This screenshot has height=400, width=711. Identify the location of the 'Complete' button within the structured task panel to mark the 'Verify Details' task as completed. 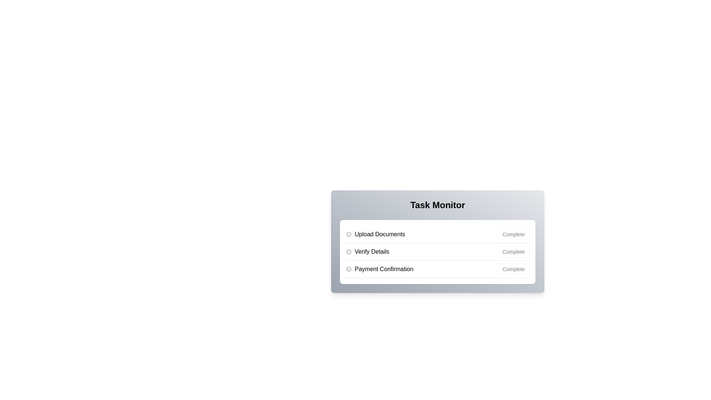
(500, 249).